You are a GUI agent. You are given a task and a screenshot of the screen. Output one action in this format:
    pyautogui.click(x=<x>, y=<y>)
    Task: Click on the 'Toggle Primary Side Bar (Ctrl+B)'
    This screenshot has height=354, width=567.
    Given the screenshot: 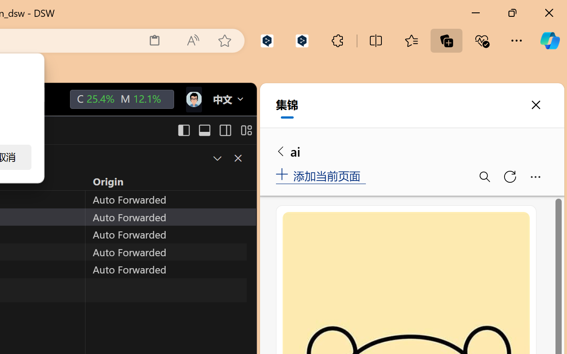 What is the action you would take?
    pyautogui.click(x=183, y=130)
    